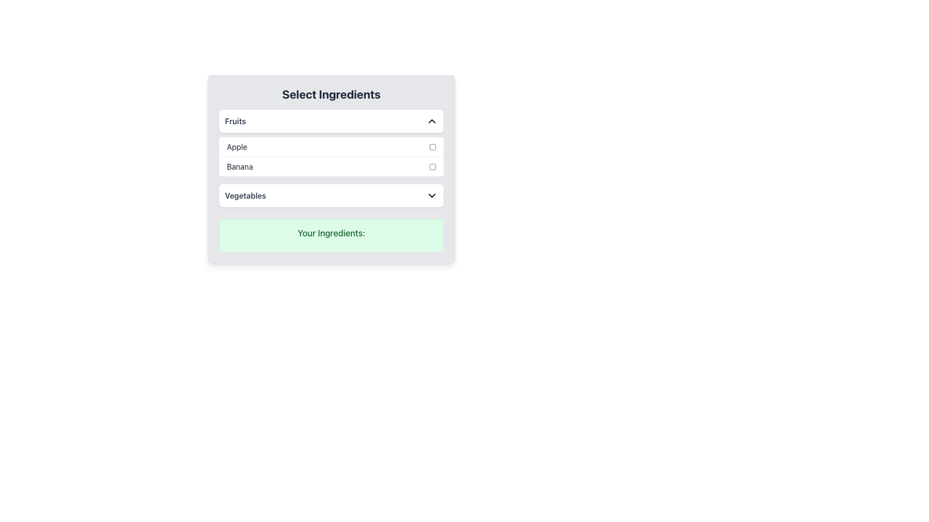 Image resolution: width=929 pixels, height=522 pixels. Describe the element at coordinates (331, 233) in the screenshot. I see `the static text label displaying 'Your Ingredients:' which is bold green text on a light green background, located at the bottom of the 'Select Ingredients' card` at that location.